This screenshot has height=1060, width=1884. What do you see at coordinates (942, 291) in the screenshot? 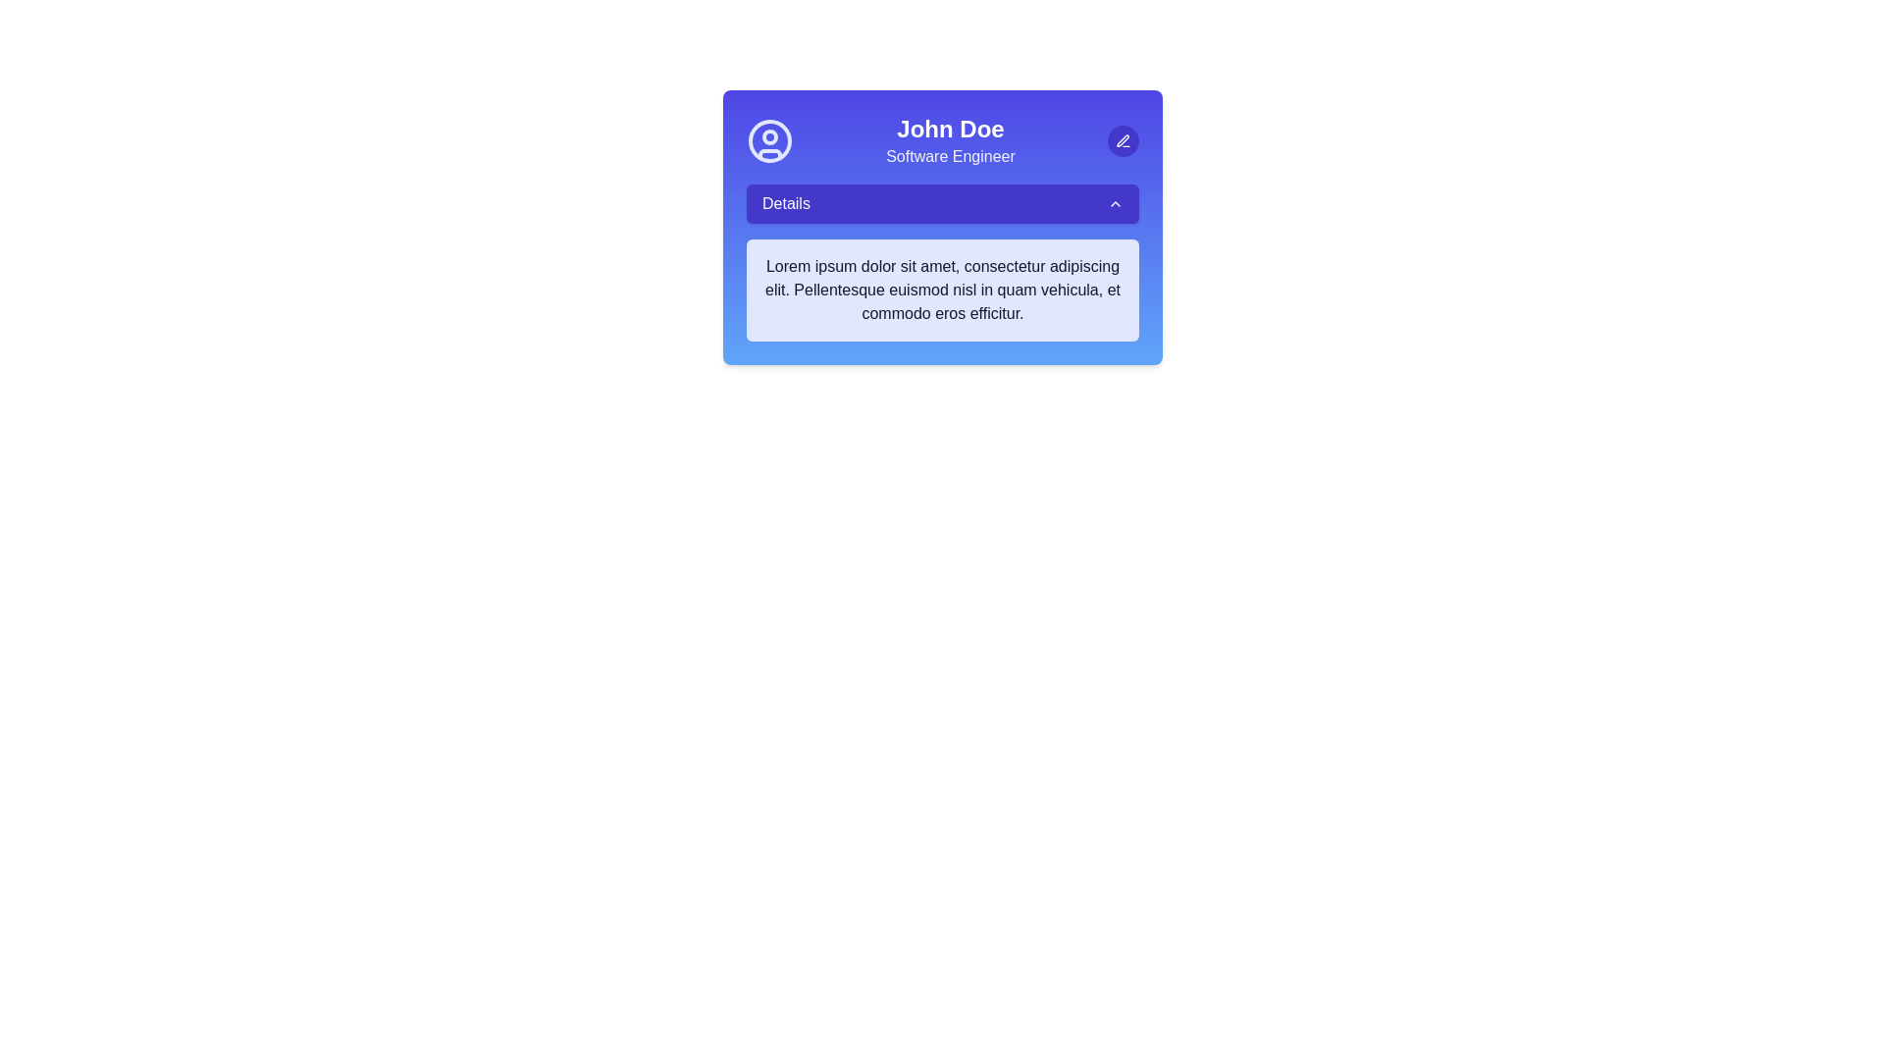
I see `text block containing the content 'Lorem ipsum dolor sit amet, consectetur adipiscing elit. Pellentesque euismod nisl in quam vehicula, et commodo eros efficitur.' styled with a dark color on a light indigo background` at bounding box center [942, 291].